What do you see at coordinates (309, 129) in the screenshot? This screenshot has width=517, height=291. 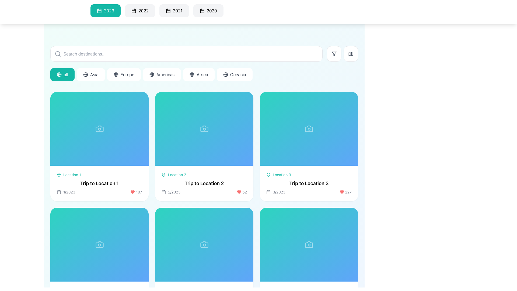 I see `the upload icon located at the top section of the card labeled 'Trip to Location 3', which indicates an upload or media-related feature` at bounding box center [309, 129].